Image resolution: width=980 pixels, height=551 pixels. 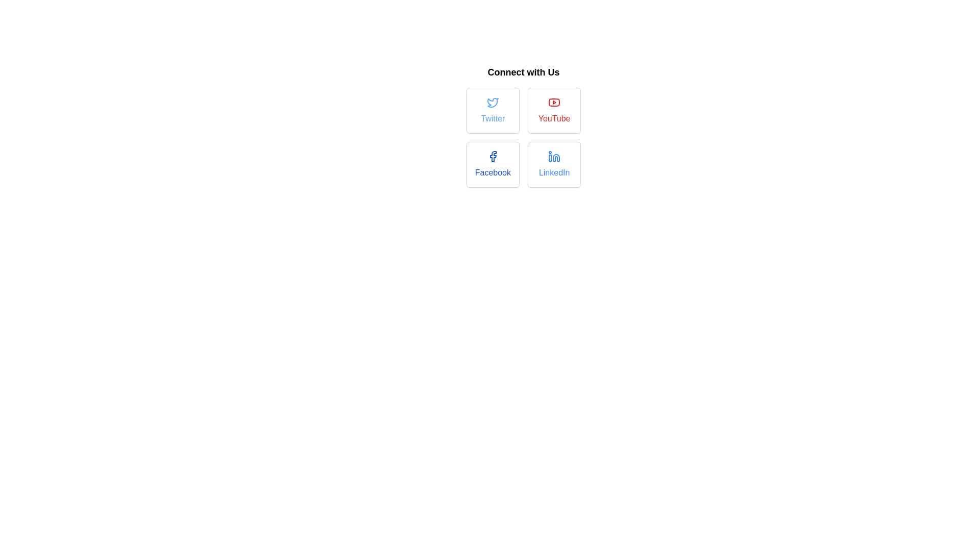 What do you see at coordinates (493, 157) in the screenshot?
I see `the Facebook icon located in the bottom-left side of the social media icons grid, specifically in the third position adjacent to the LinkedIn button` at bounding box center [493, 157].